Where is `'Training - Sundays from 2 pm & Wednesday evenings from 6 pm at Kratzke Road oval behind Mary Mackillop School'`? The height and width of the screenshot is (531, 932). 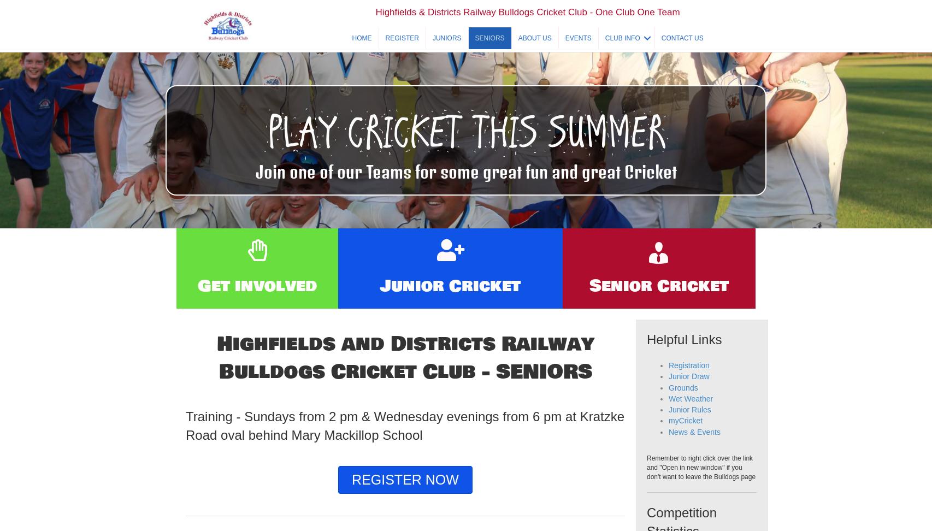
'Training - Sundays from 2 pm & Wednesday evenings from 6 pm at Kratzke Road oval behind Mary Mackillop School' is located at coordinates (404, 447).